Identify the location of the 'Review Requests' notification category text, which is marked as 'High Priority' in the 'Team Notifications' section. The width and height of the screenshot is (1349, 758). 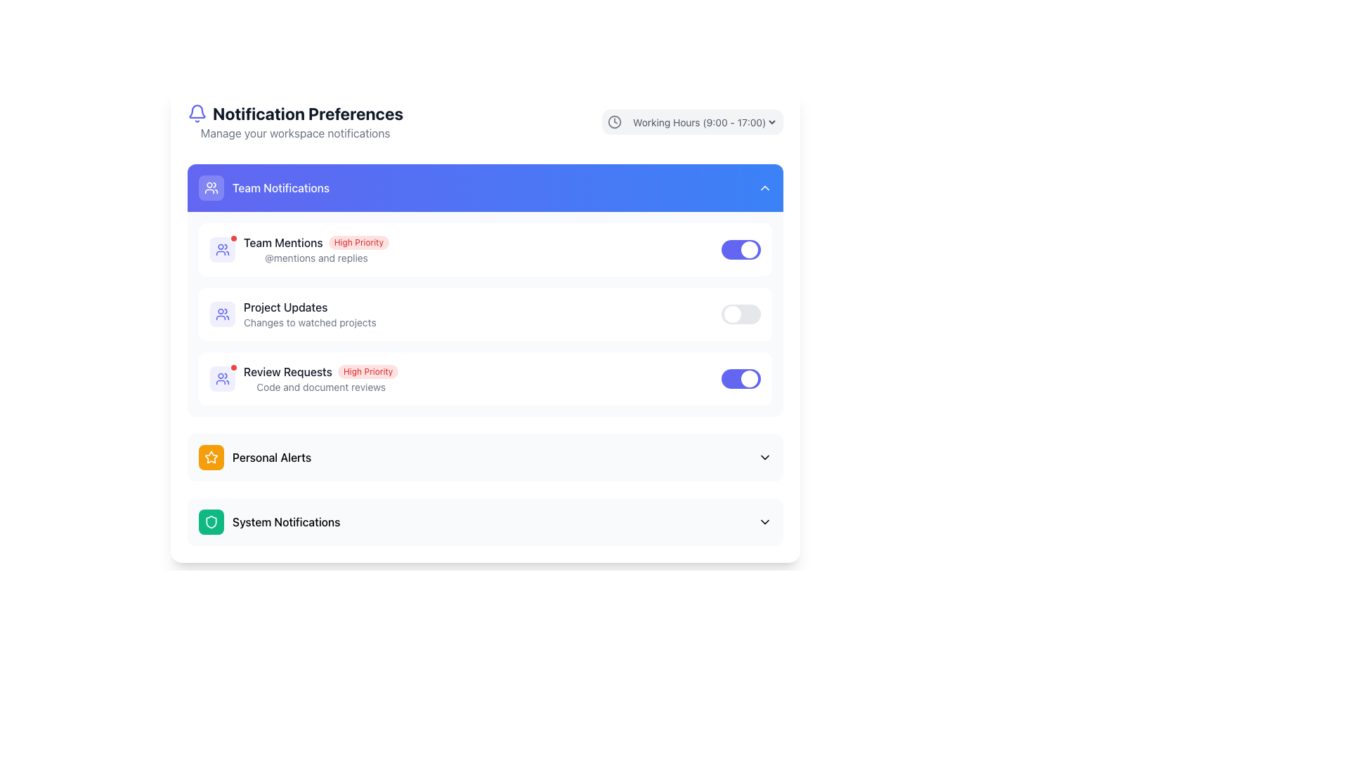
(320, 371).